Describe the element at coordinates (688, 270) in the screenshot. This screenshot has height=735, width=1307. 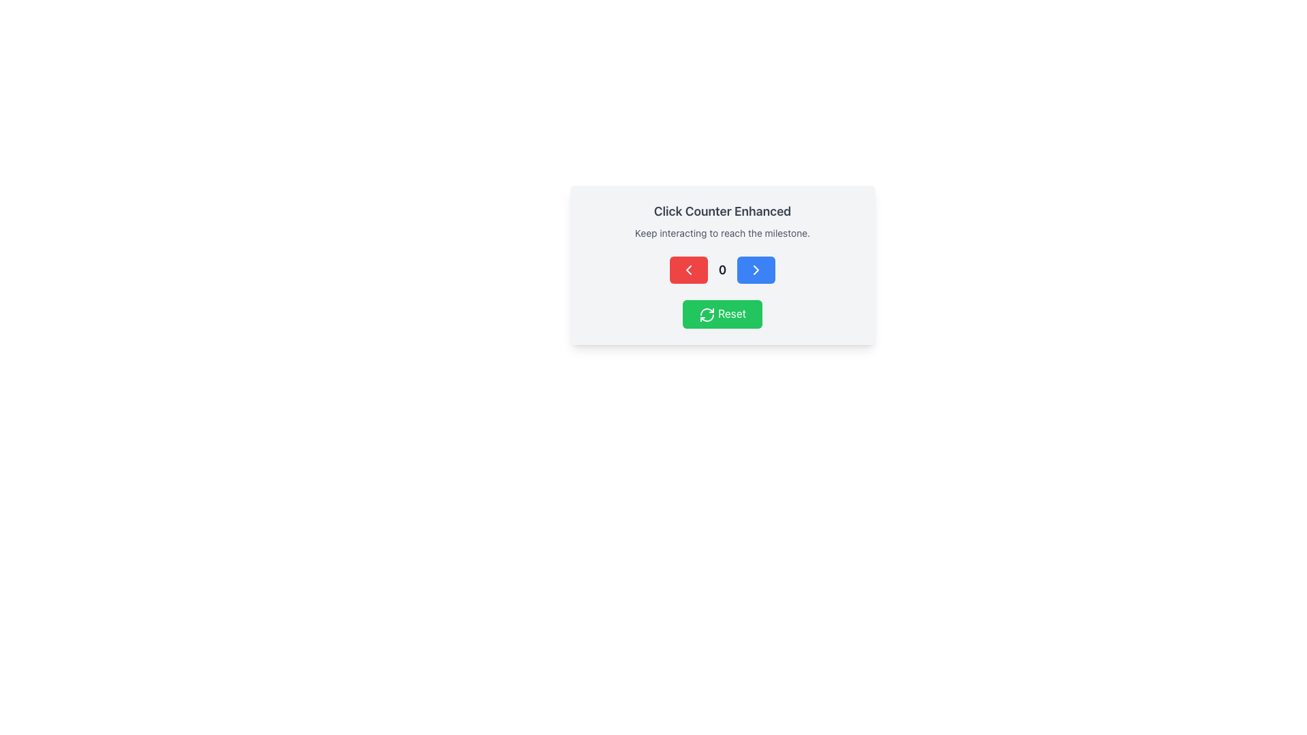
I see `the decrement button located to the left of the numerical display labeled '0'` at that location.